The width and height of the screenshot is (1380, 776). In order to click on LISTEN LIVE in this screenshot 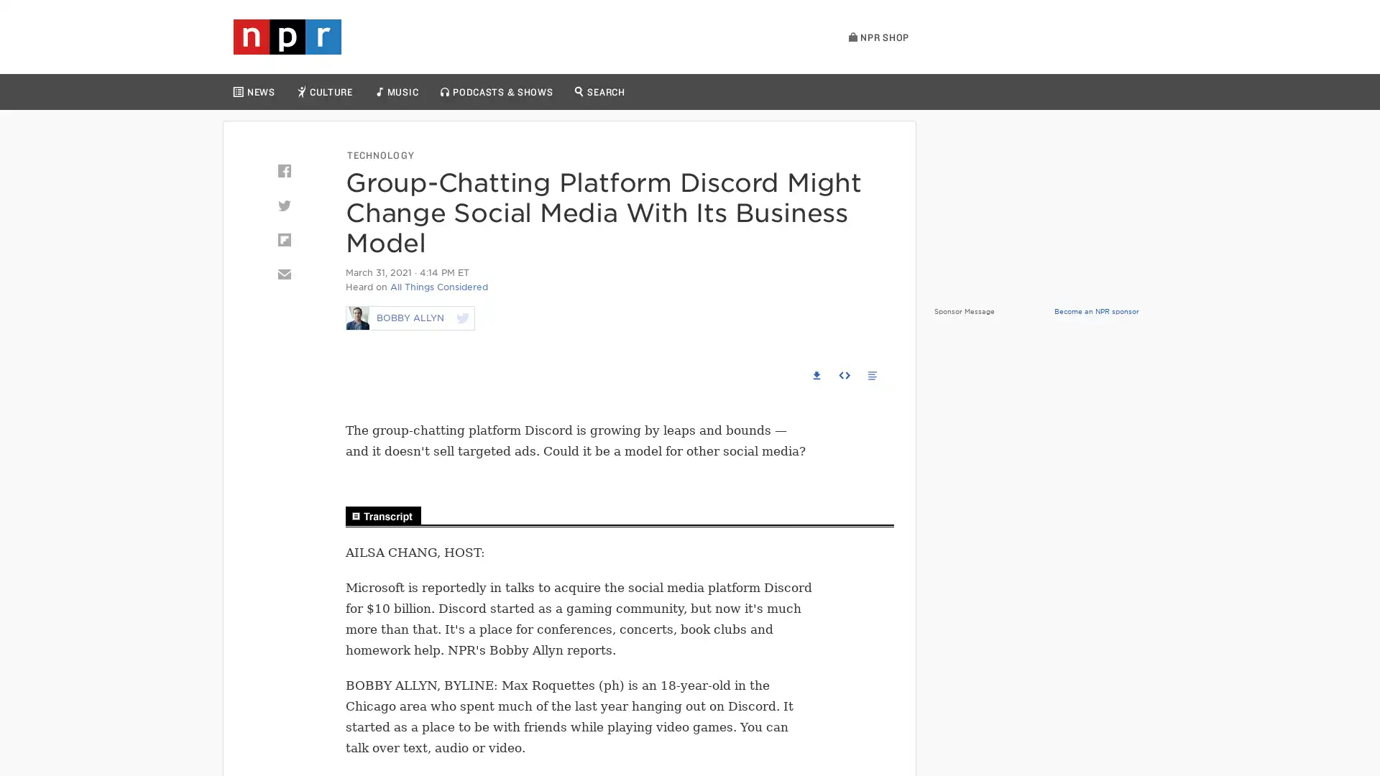, I will do `click(1047, 92)`.